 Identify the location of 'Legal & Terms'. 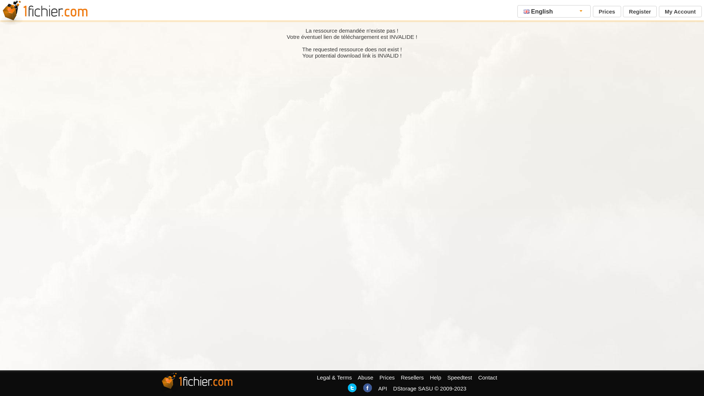
(334, 377).